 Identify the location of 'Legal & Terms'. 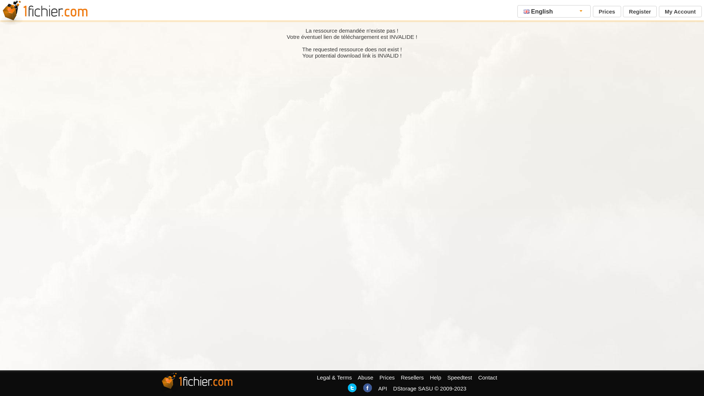
(334, 377).